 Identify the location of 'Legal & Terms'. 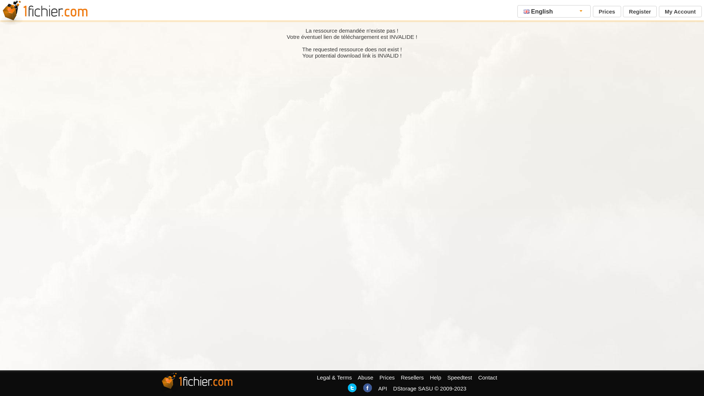
(334, 377).